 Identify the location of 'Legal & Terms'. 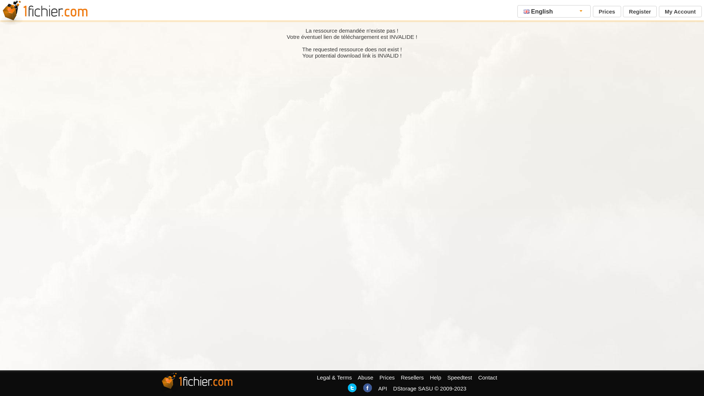
(334, 377).